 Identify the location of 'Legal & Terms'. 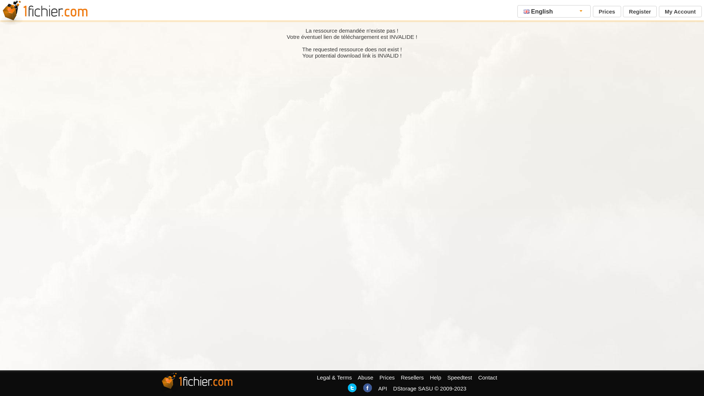
(334, 377).